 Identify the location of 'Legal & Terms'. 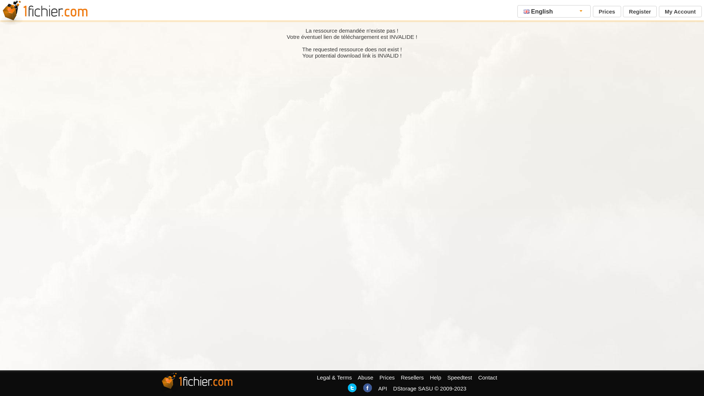
(334, 377).